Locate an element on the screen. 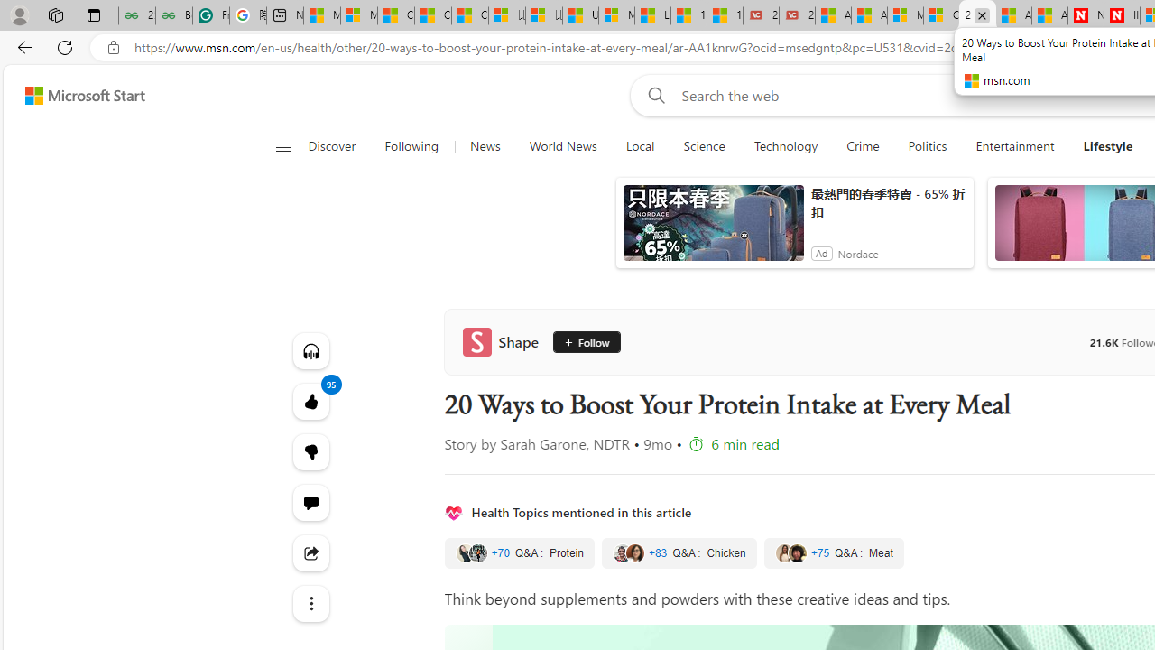  'Free AI Writing Assistance for Students | Grammarly' is located at coordinates (210, 15).